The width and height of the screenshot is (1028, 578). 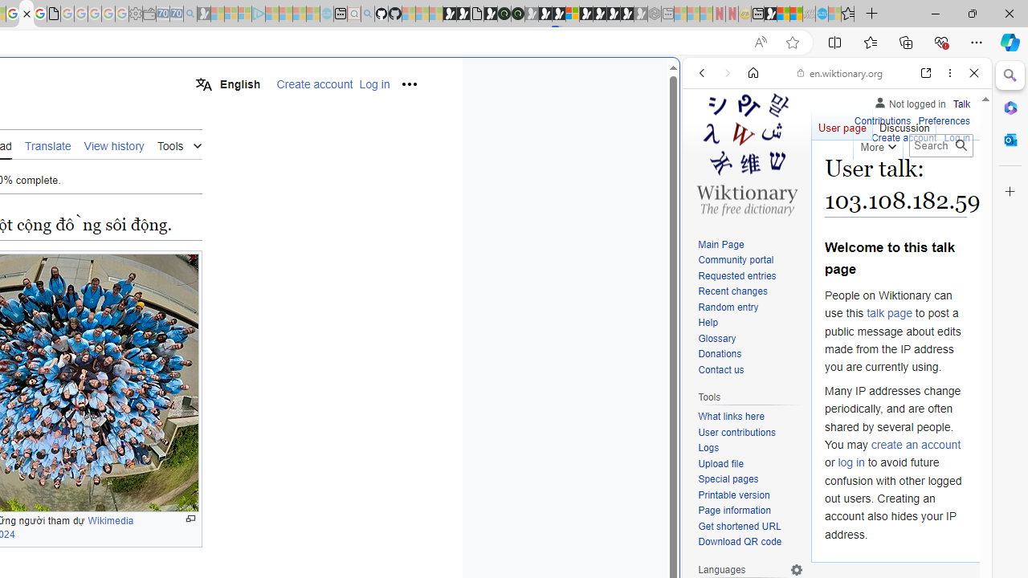 I want to click on 'Log in', so click(x=957, y=135).